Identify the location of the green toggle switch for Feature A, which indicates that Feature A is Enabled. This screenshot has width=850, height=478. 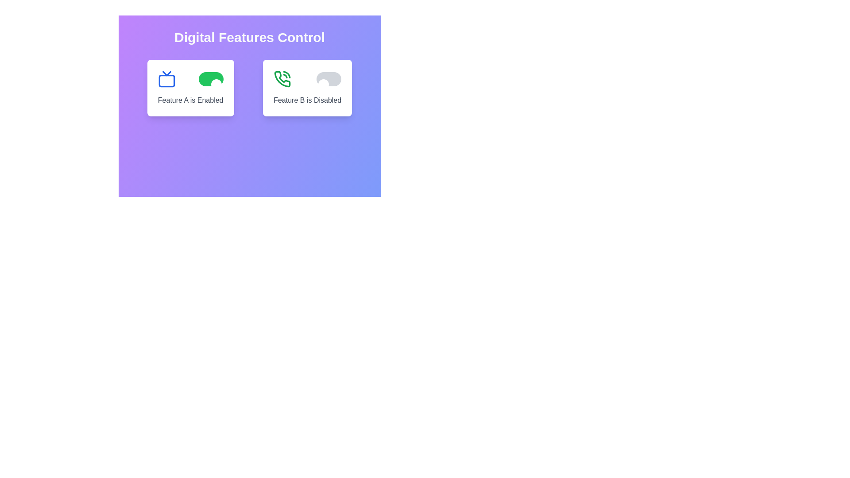
(249, 88).